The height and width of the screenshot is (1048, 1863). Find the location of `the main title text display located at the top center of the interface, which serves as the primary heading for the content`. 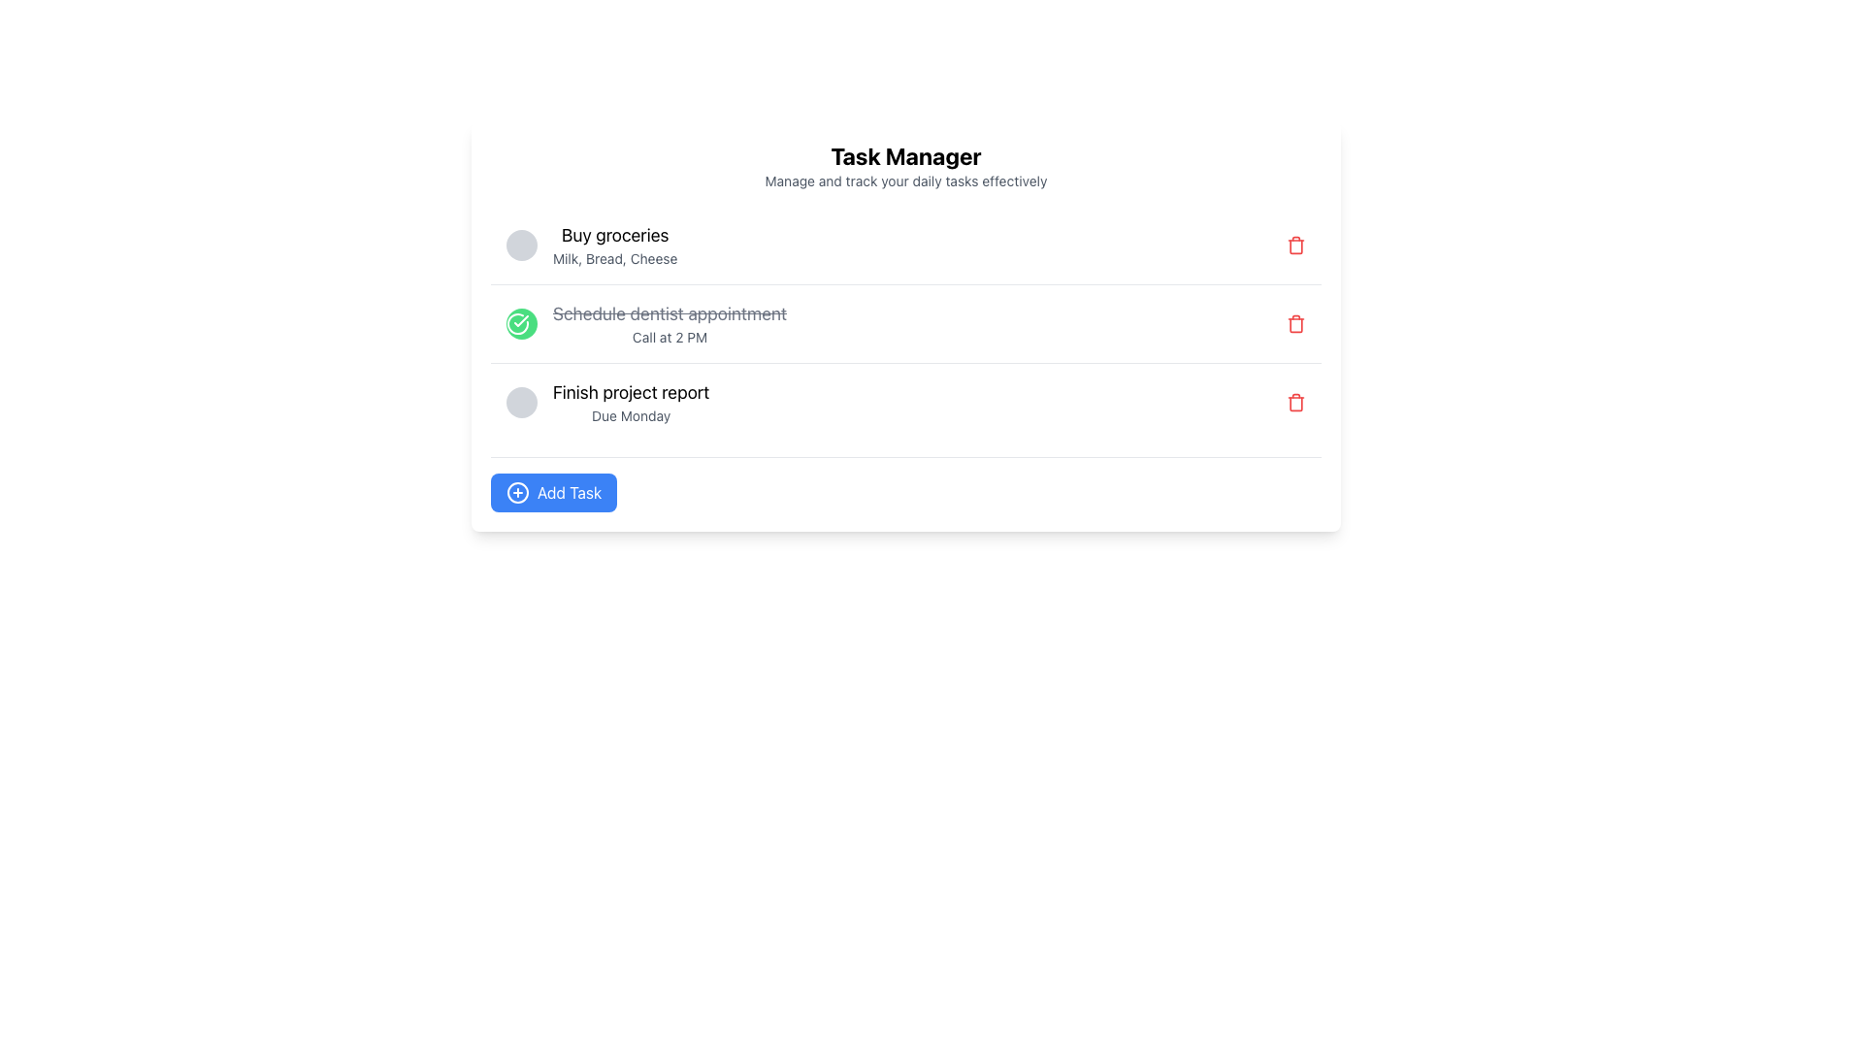

the main title text display located at the top center of the interface, which serves as the primary heading for the content is located at coordinates (905, 155).